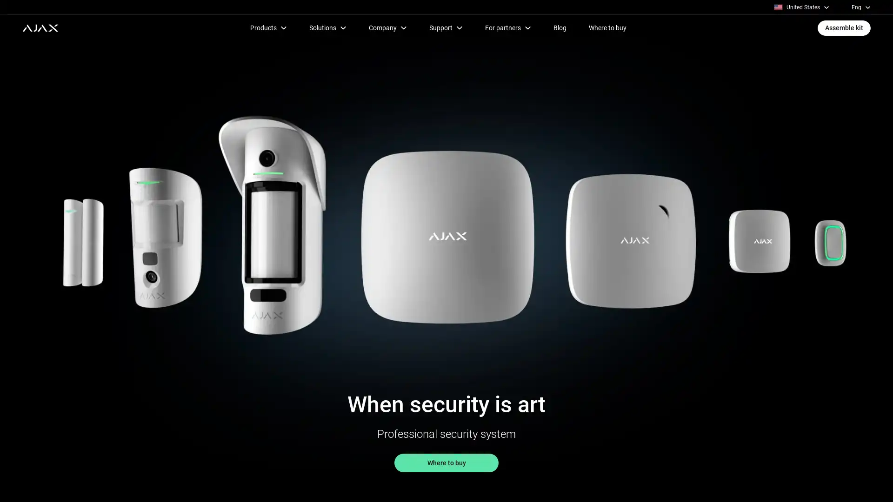 This screenshot has width=893, height=502. I want to click on Company, so click(387, 27).